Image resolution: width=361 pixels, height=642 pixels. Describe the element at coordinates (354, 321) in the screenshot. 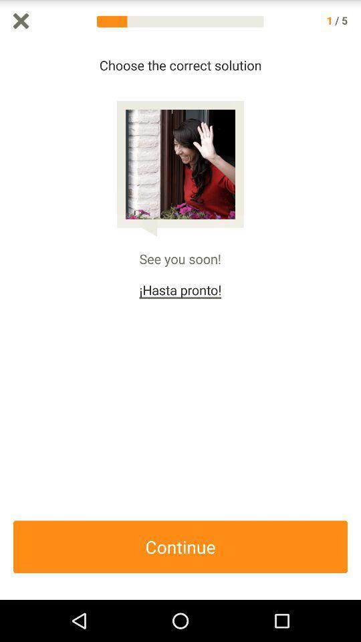

I see `item below 5` at that location.